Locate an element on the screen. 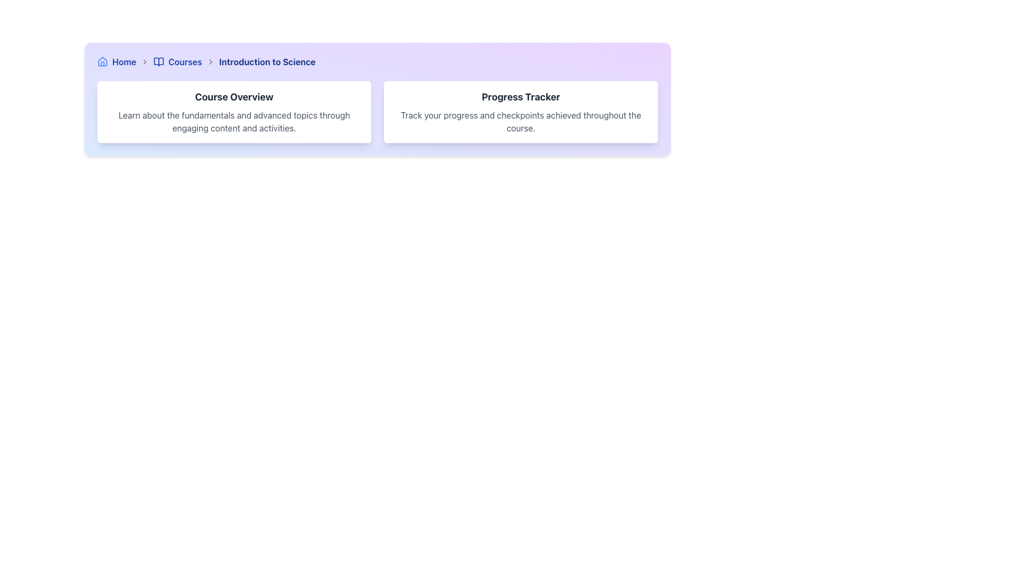 This screenshot has width=1027, height=577. the third chevron-shaped icon in the breadcrumb navigation bar, which separates the 'Courses' link from the 'Introduction to Science' text is located at coordinates (210, 61).